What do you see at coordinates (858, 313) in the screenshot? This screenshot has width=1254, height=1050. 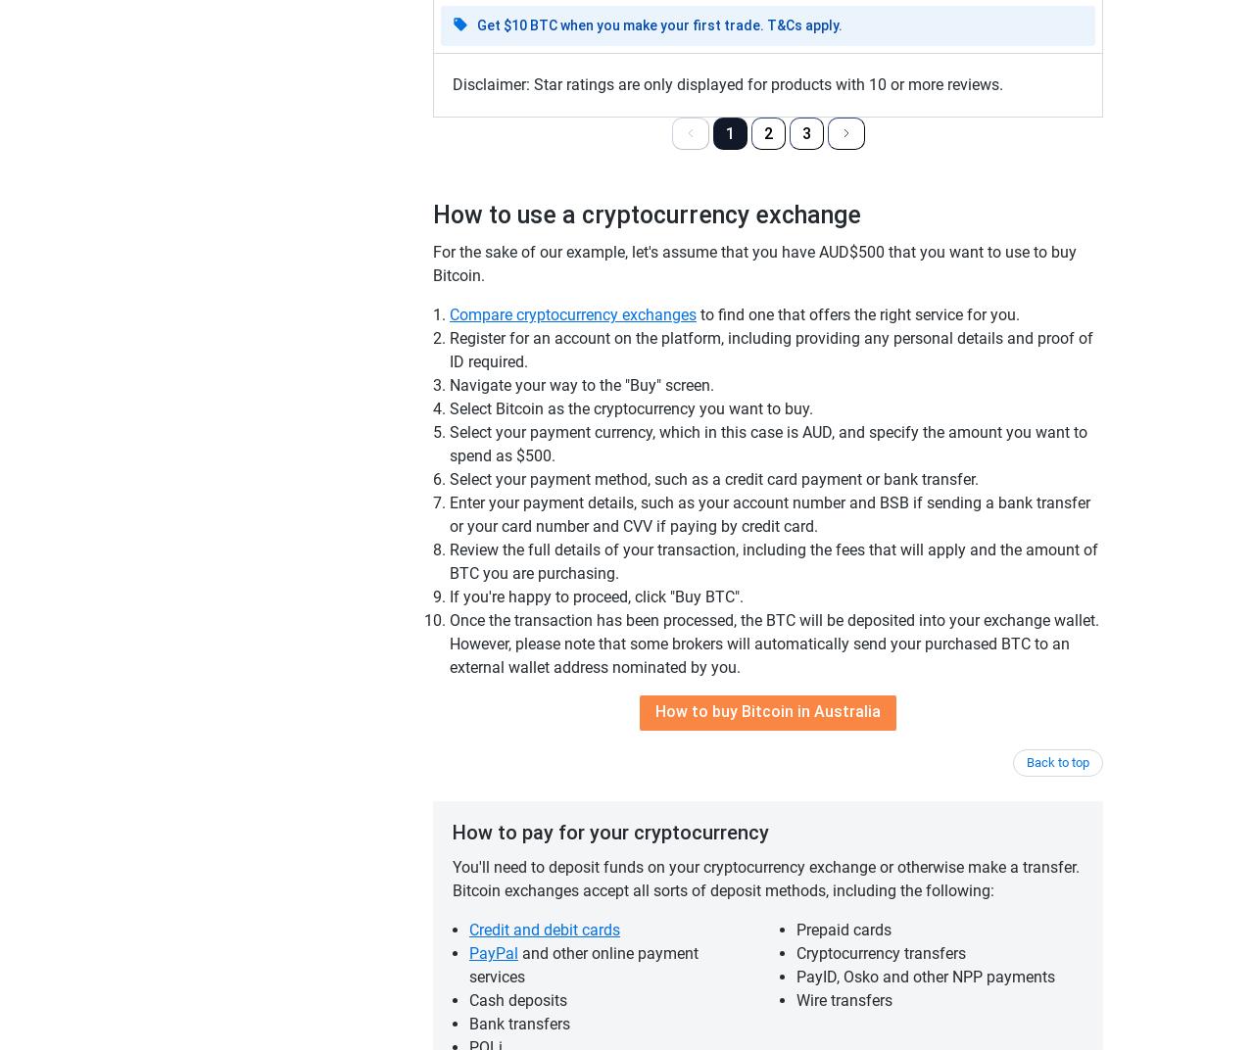 I see `'to find one that offers the right service for you.'` at bounding box center [858, 313].